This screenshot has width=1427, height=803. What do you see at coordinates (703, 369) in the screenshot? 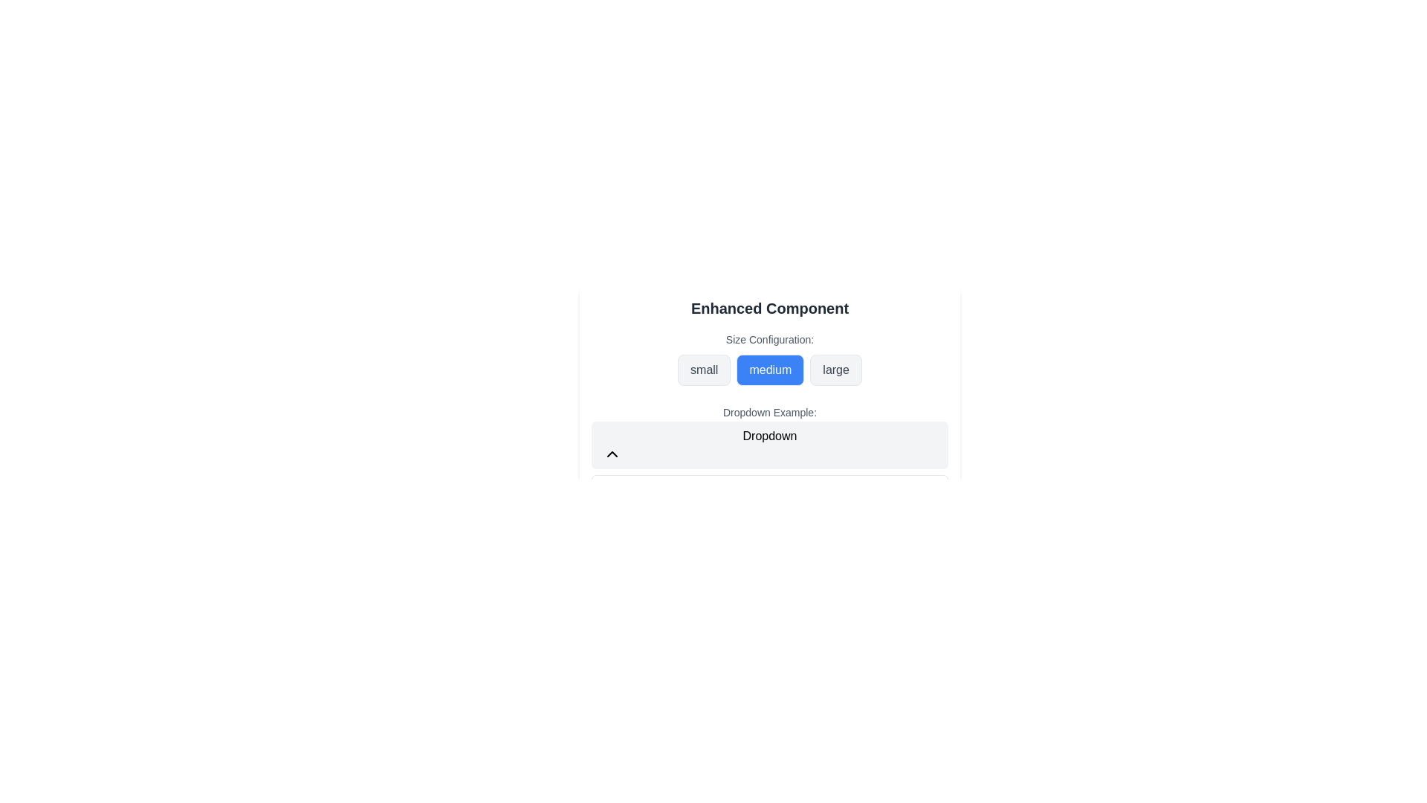
I see `the first button for size selection located under the 'Enhanced Component' heading` at bounding box center [703, 369].